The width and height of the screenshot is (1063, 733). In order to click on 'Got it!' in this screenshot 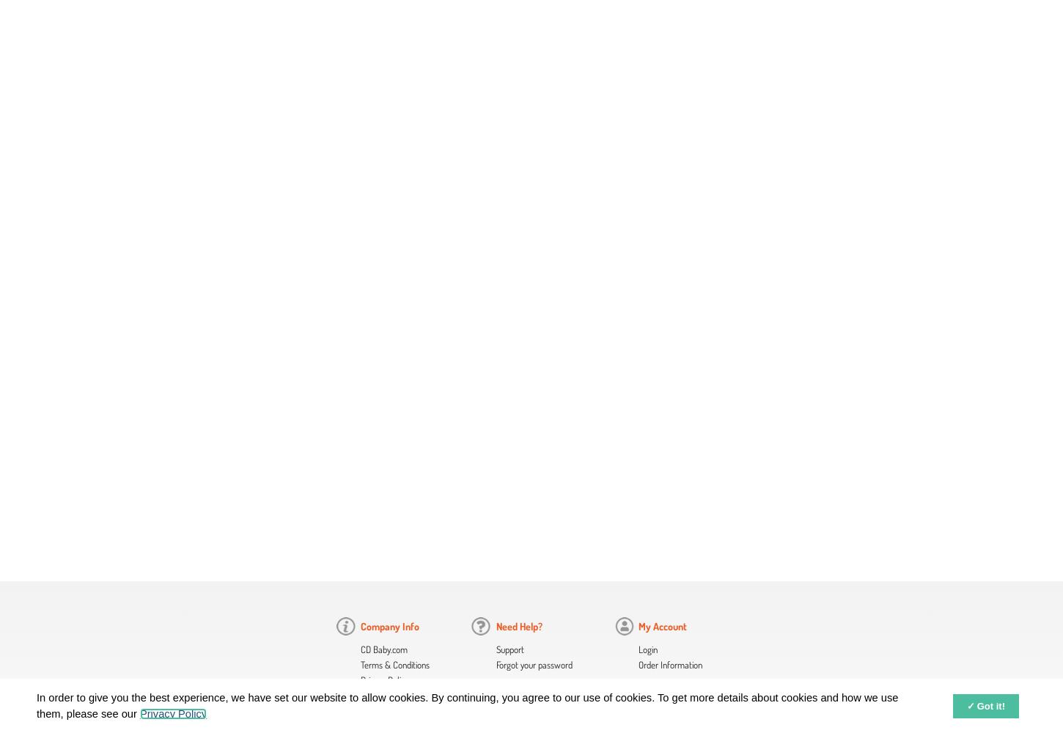, I will do `click(990, 705)`.